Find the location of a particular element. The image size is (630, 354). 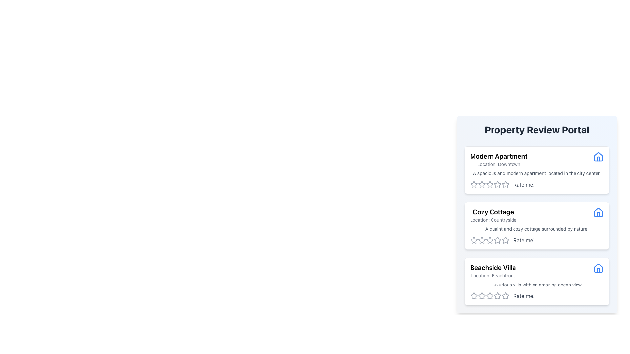

the fifth gray star-shaped icon in the rating system beneath the 'Beachside Villa' card to rate it is located at coordinates (505, 296).